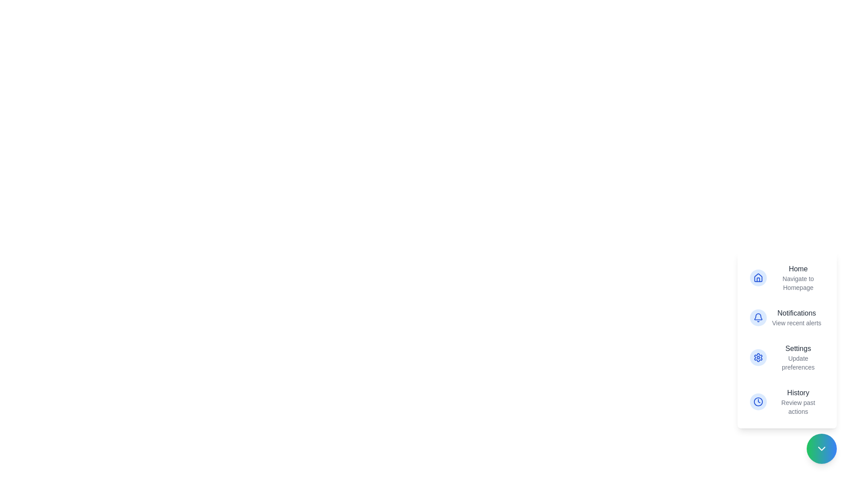 This screenshot has height=478, width=851. I want to click on the action item corresponding to Notifications, so click(787, 317).